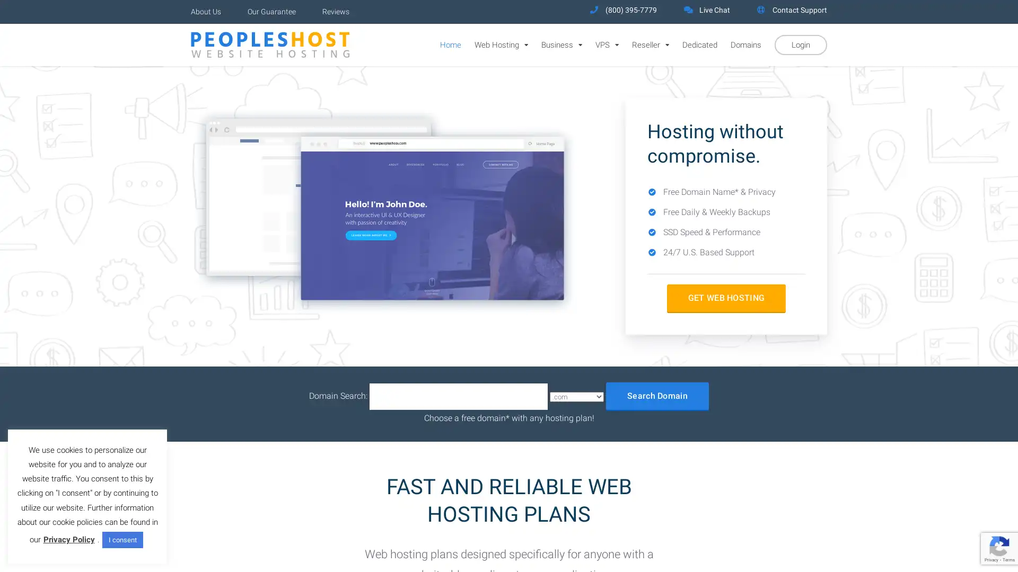 This screenshot has width=1018, height=572. Describe the element at coordinates (122, 540) in the screenshot. I see `I consent` at that location.